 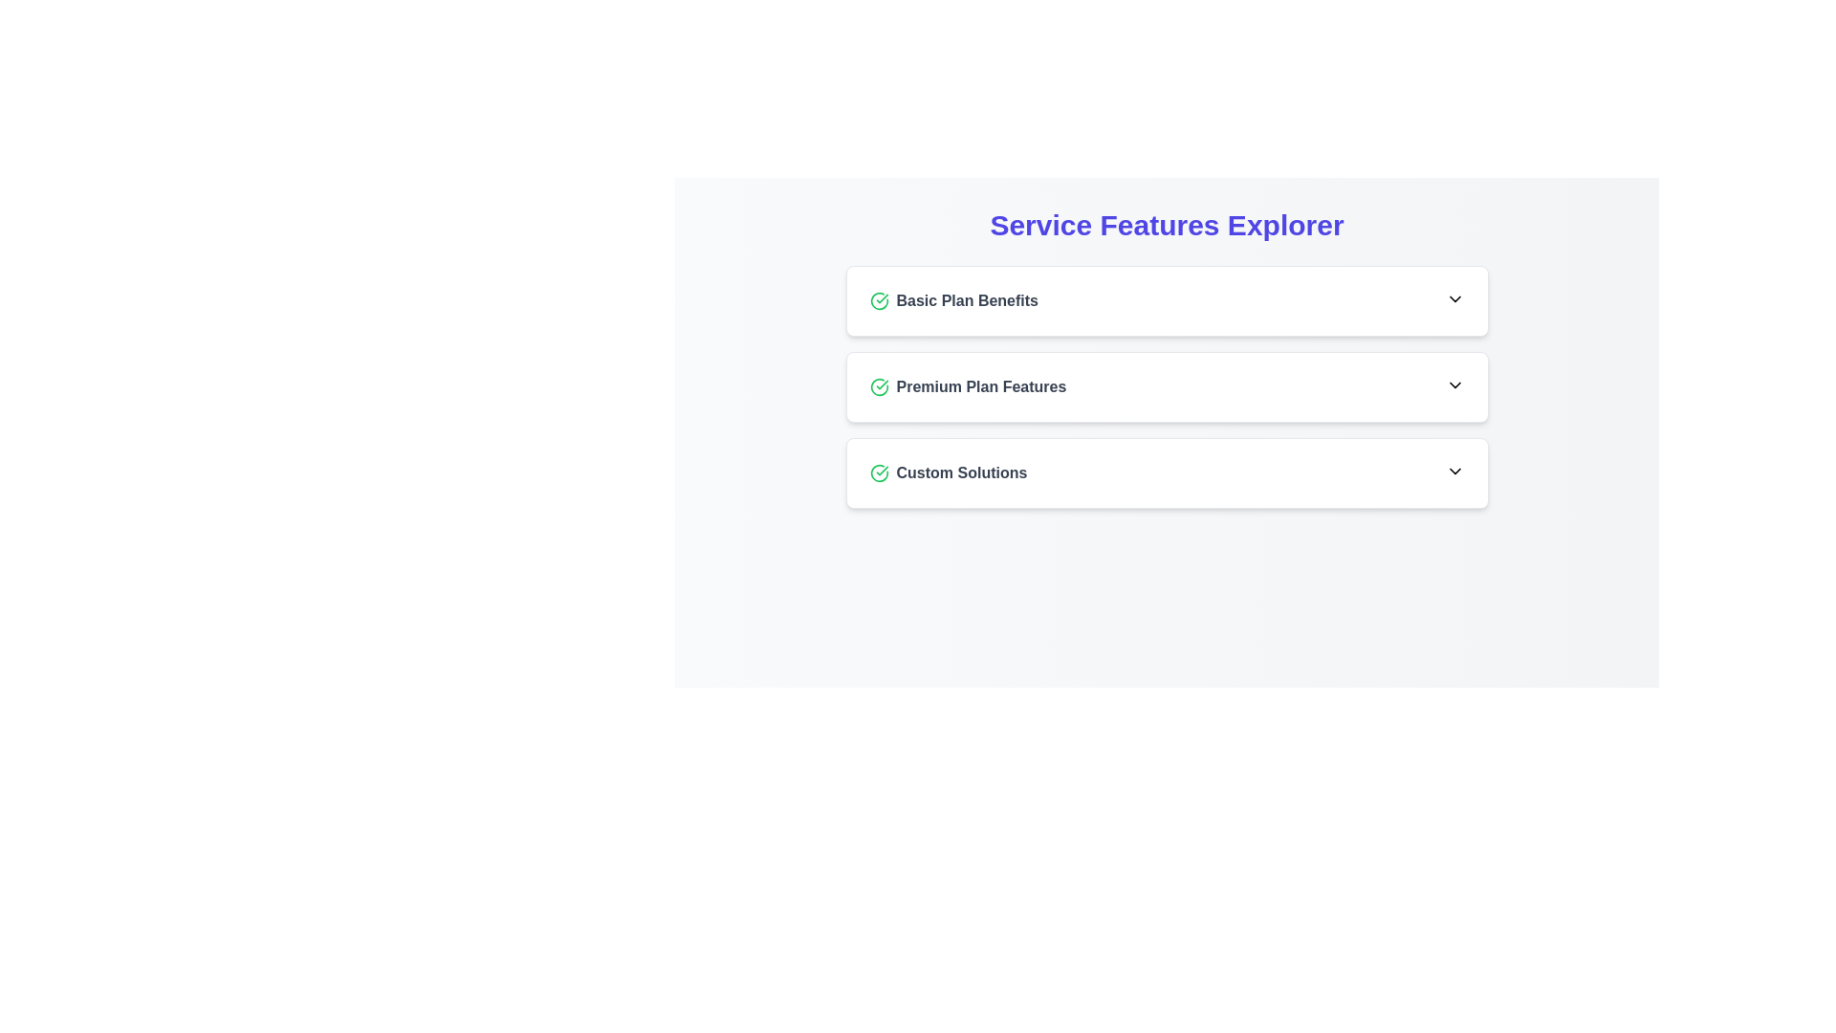 What do you see at coordinates (967, 301) in the screenshot?
I see `the static text label displaying 'Basic Plan Benefits', which is styled with a bold font and a gray color, located to the right of a green checkmark icon` at bounding box center [967, 301].